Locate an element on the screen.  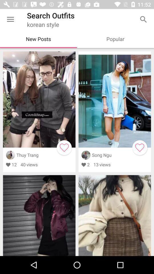
like/unlike post is located at coordinates (64, 147).